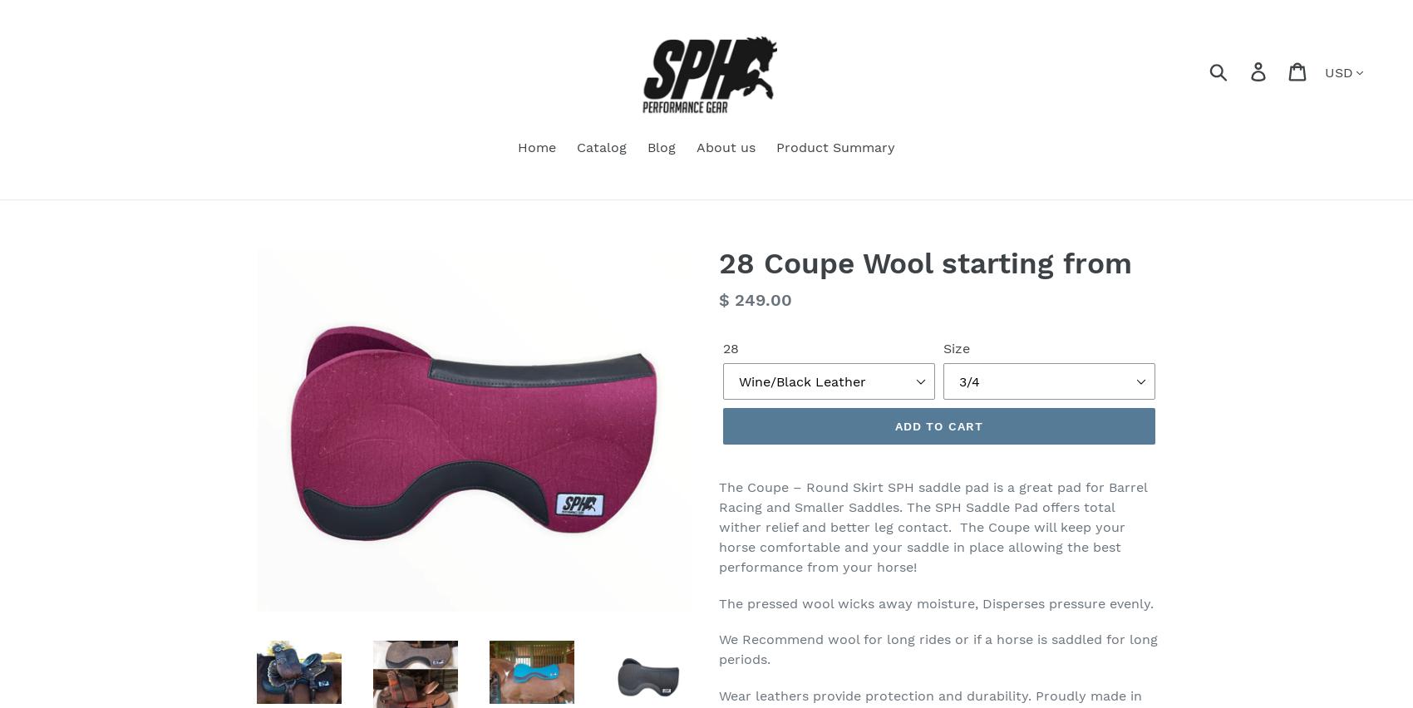 Image resolution: width=1413 pixels, height=708 pixels. I want to click on 'Add to cart', so click(938, 424).